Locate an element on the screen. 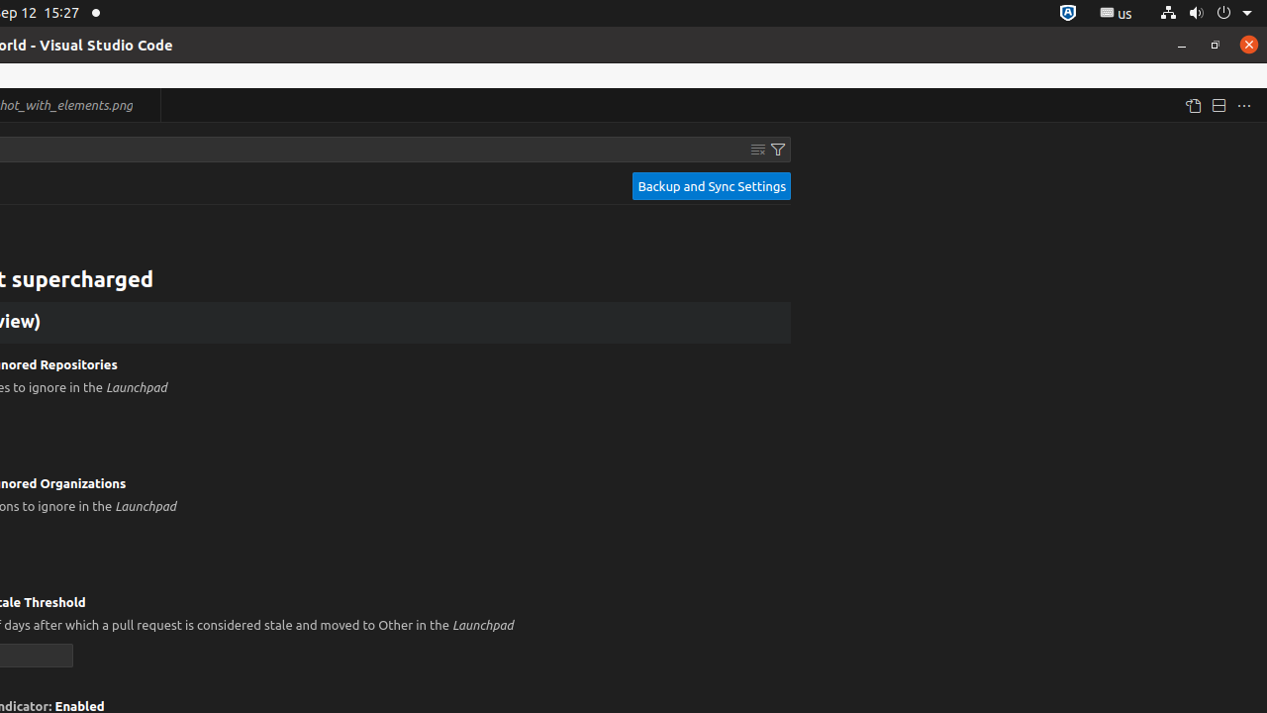  'Open Settings (JSON)' is located at coordinates (1191, 105).